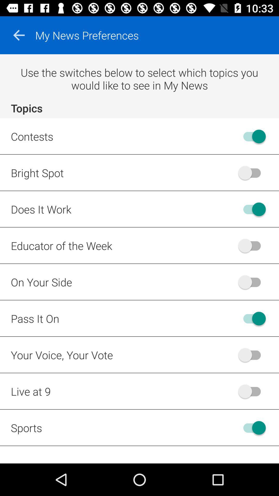 This screenshot has width=279, height=496. What do you see at coordinates (19, 35) in the screenshot?
I see `back to my news preferences` at bounding box center [19, 35].